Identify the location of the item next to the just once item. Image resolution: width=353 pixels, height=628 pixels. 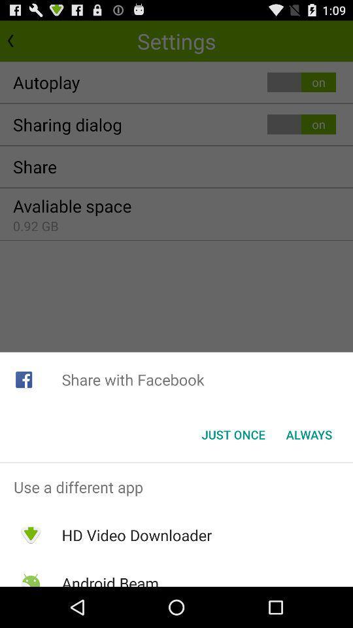
(309, 434).